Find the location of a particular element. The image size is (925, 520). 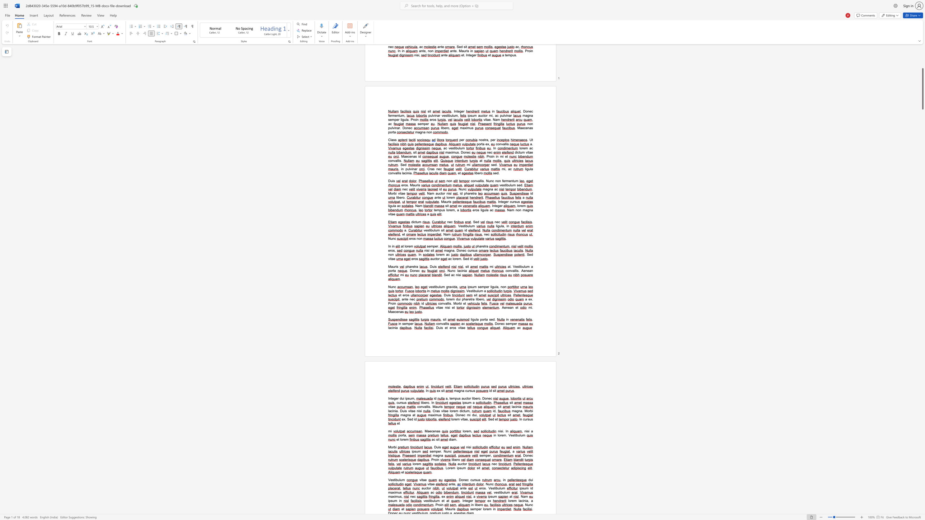

the 1th character "m" in the text is located at coordinates (468, 415).